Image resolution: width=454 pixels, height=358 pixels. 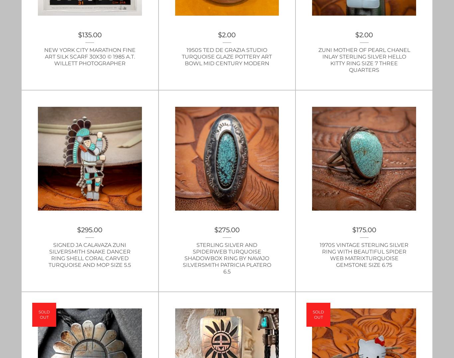 I want to click on 'Signed JA Calavaza Zuni Silversmith Snake Dancer Ring Shell Coral Carved Turquoise and MOP Size 5.5', so click(x=90, y=255).